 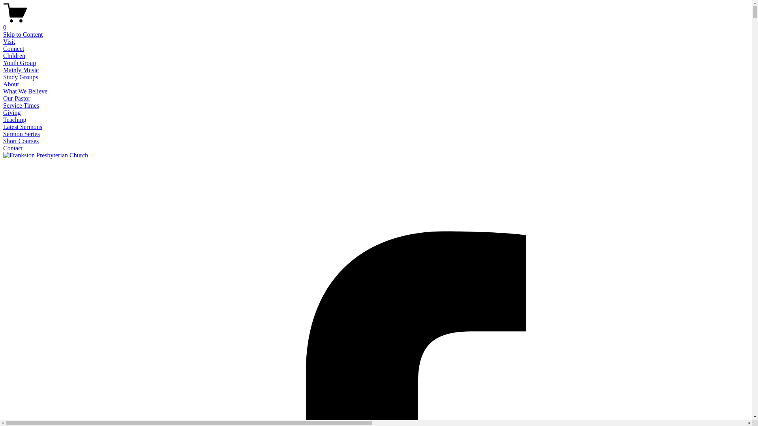 I want to click on 'Visit', so click(x=9, y=41).